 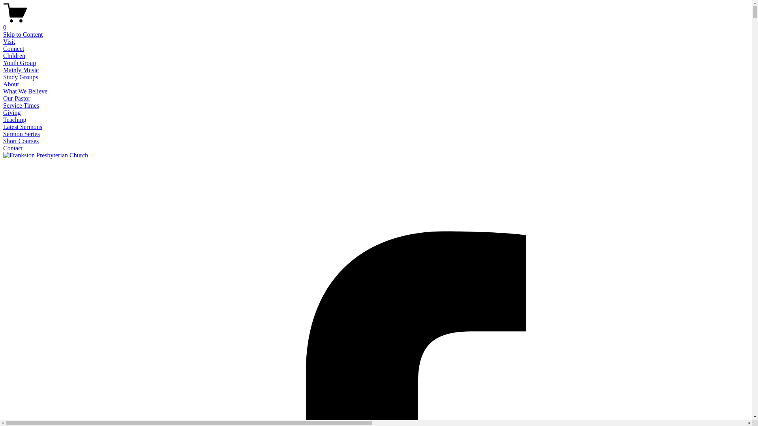 I want to click on 'Visit', so click(x=9, y=41).